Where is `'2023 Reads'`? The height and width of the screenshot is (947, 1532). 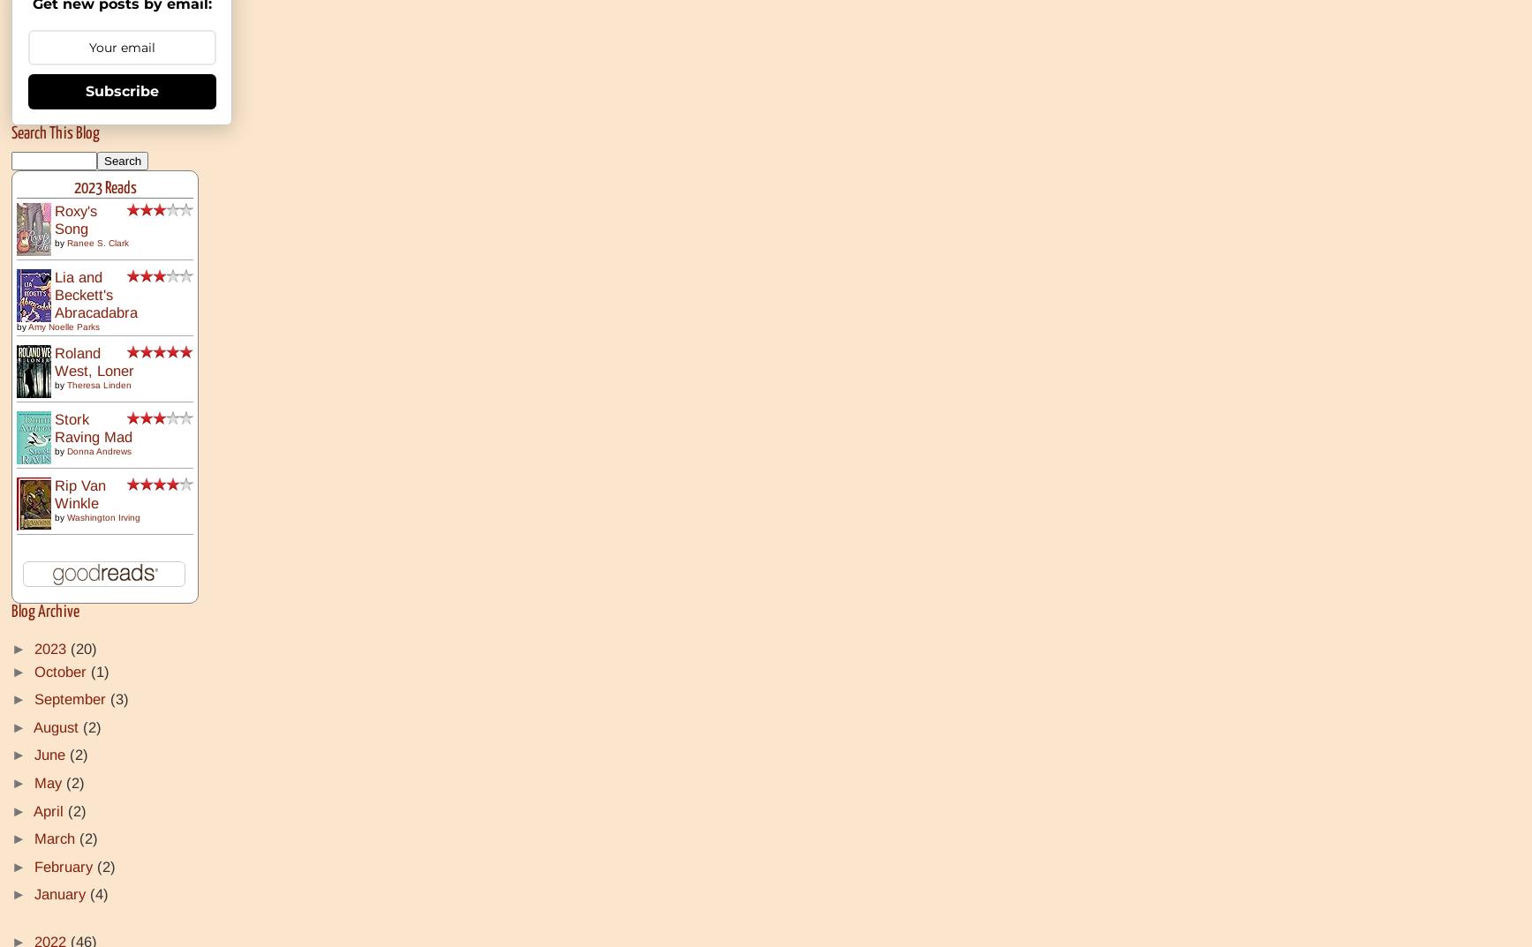
'2023 Reads' is located at coordinates (104, 187).